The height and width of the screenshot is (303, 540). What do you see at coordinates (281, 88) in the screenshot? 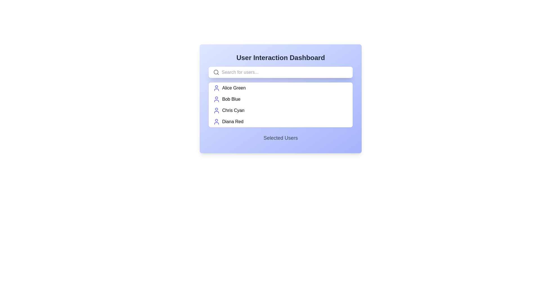
I see `the user list item titled 'Alice Green'` at bounding box center [281, 88].